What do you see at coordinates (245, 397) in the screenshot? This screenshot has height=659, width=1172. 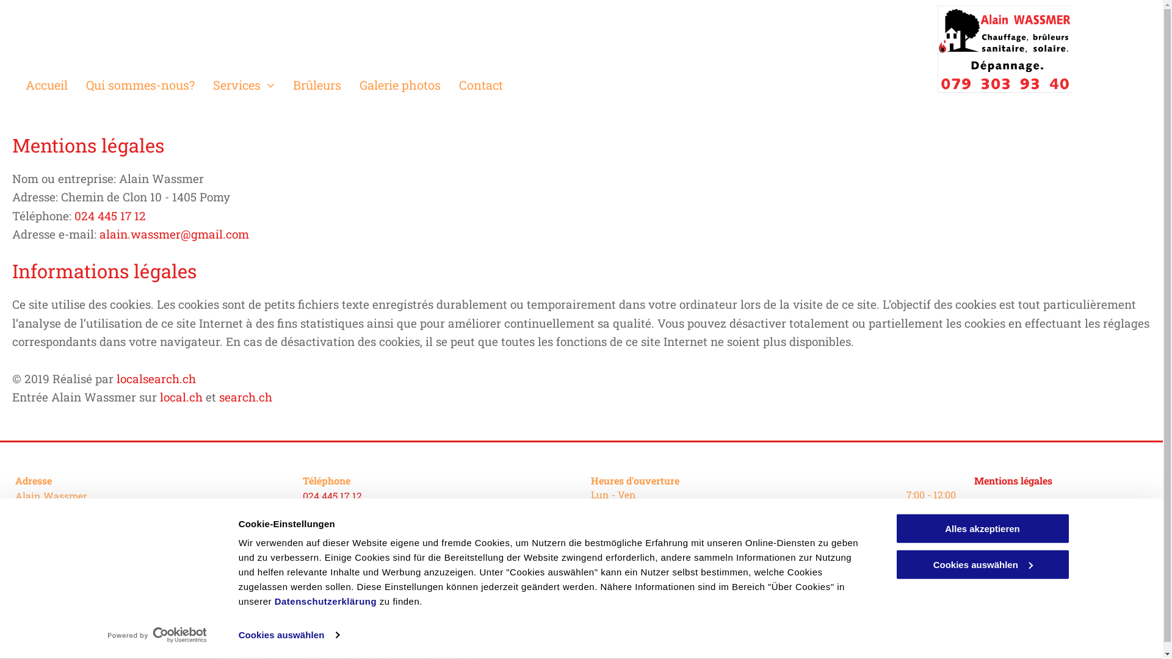 I see `'search.ch'` at bounding box center [245, 397].